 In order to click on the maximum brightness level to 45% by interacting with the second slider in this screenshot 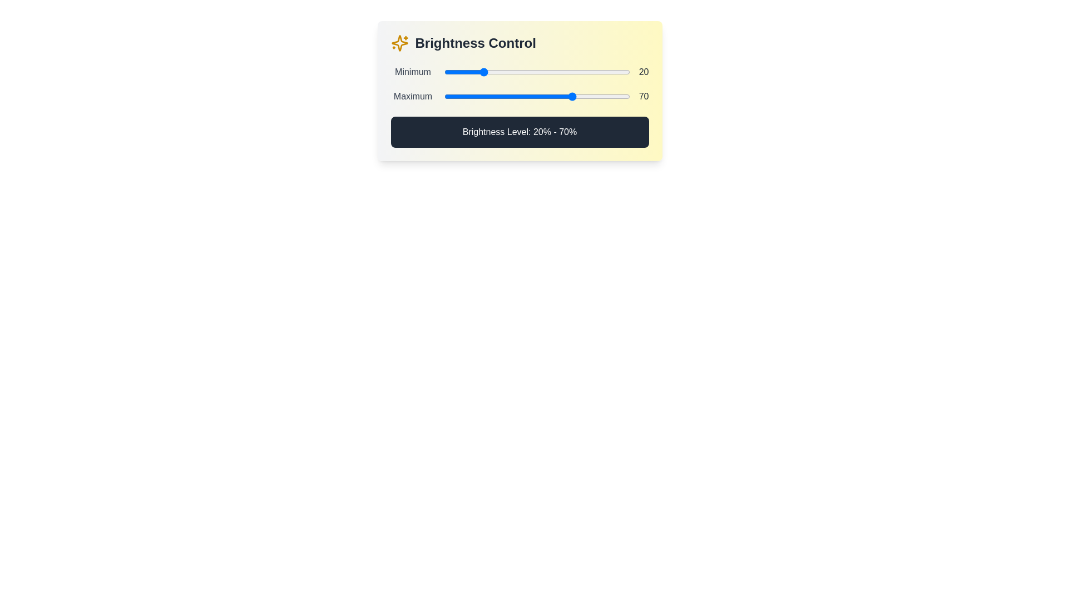, I will do `click(527, 96)`.